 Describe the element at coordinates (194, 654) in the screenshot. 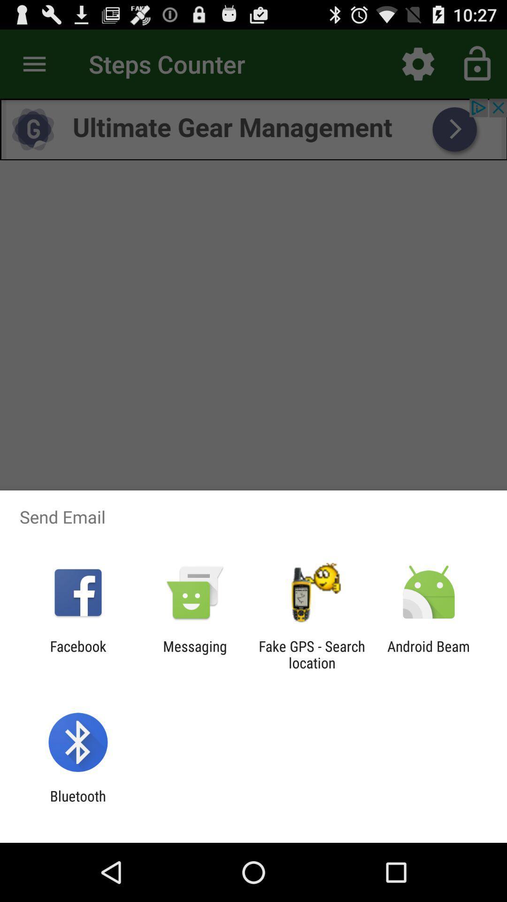

I see `messaging app` at that location.